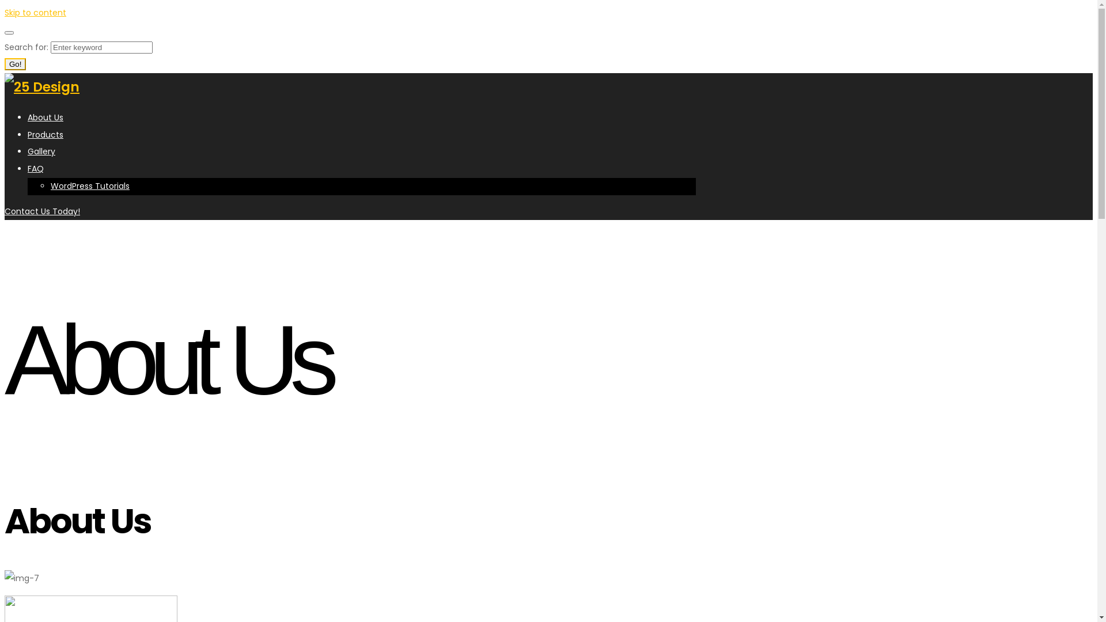 The image size is (1106, 622). Describe the element at coordinates (45, 117) in the screenshot. I see `'About Us'` at that location.